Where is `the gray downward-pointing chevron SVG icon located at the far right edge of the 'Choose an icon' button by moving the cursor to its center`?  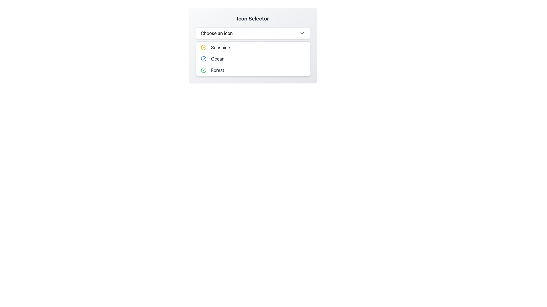 the gray downward-pointing chevron SVG icon located at the far right edge of the 'Choose an icon' button by moving the cursor to its center is located at coordinates (302, 33).